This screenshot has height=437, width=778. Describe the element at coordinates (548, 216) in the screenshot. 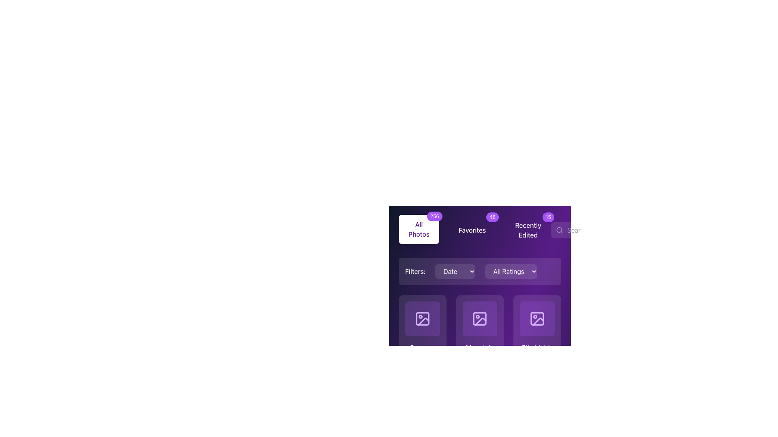

I see `the content of the Notification badge with a purple background displaying the number '15', located in the top-right corner of the 'Recently Edited' section` at that location.